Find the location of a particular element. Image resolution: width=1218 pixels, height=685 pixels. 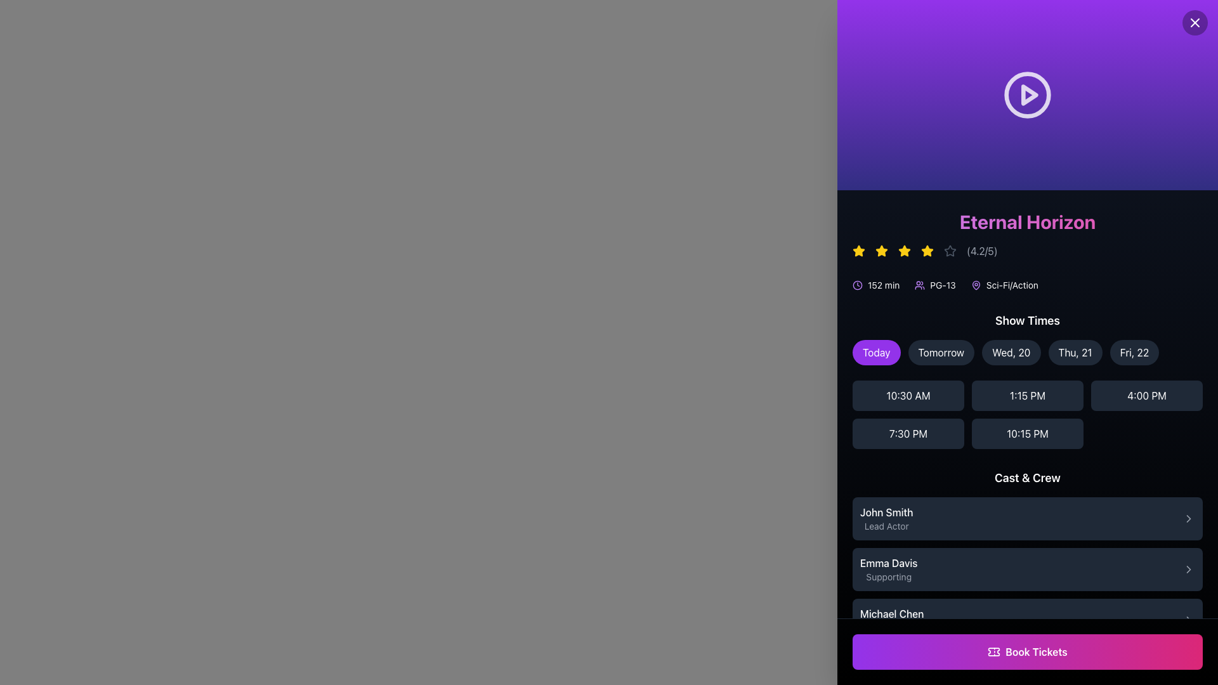

the fifth star-shaped icon in the rating system for 'Eternal Horizon', which has a grayish outline and a central marker is located at coordinates (950, 251).